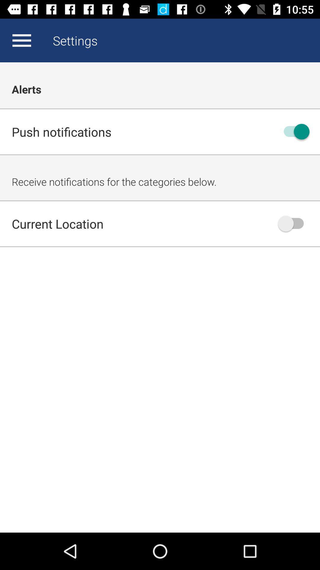  Describe the element at coordinates (294, 131) in the screenshot. I see `turn off push notifications` at that location.